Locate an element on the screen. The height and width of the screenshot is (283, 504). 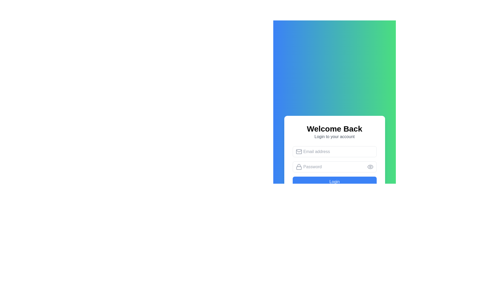
the Icon Button at the right end of the password input field is located at coordinates (370, 167).